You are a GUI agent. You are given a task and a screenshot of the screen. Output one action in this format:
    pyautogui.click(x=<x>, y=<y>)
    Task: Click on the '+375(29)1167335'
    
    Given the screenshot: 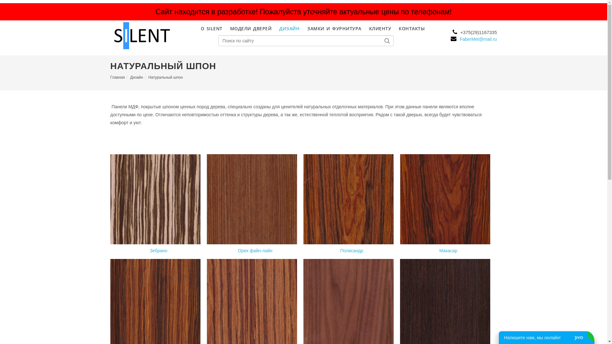 What is the action you would take?
    pyautogui.click(x=474, y=32)
    